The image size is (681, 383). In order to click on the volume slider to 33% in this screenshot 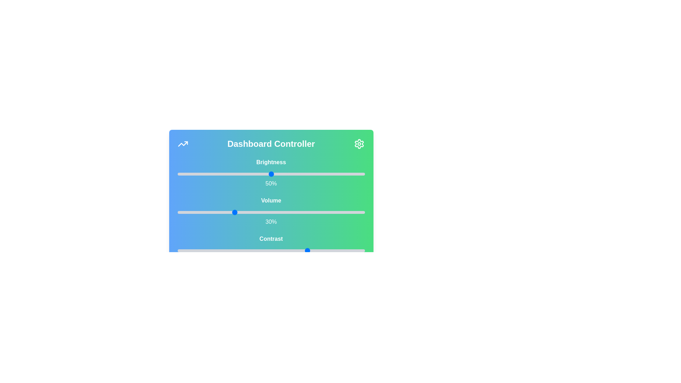, I will do `click(239, 212)`.